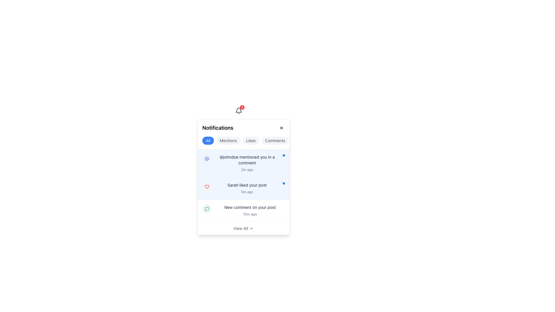  I want to click on the last notification entry which has a green message bubble icon and text indicating 'New comment on your post' and '10m ago', so click(244, 211).